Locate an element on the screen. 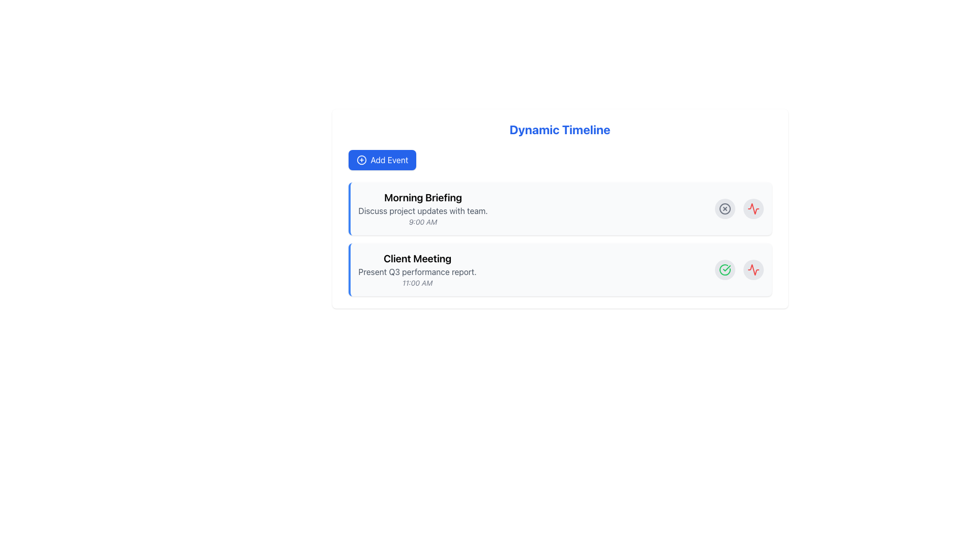 This screenshot has width=977, height=549. the stylized waveform icon with a thin red stroke located on the far right of the first event entry in the list is located at coordinates (753, 269).